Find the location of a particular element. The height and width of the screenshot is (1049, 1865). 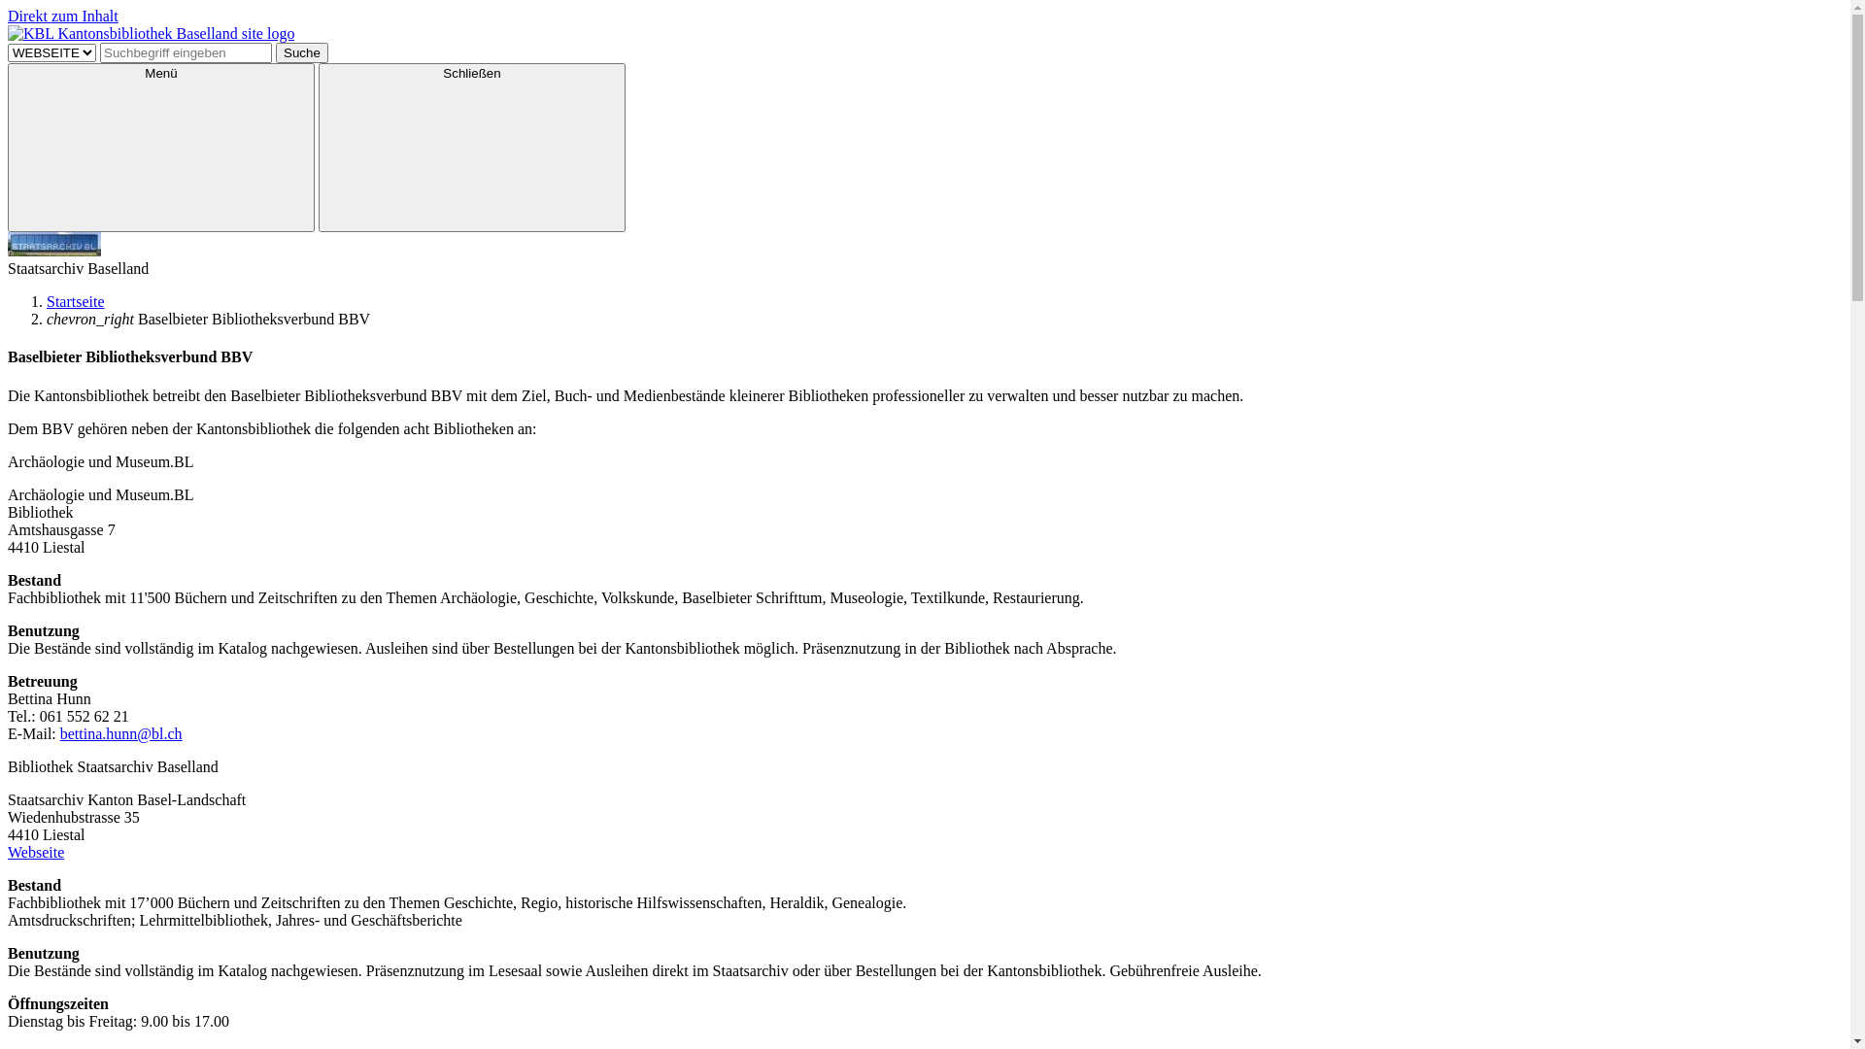

'Direkt zum Inhalt' is located at coordinates (63, 16).